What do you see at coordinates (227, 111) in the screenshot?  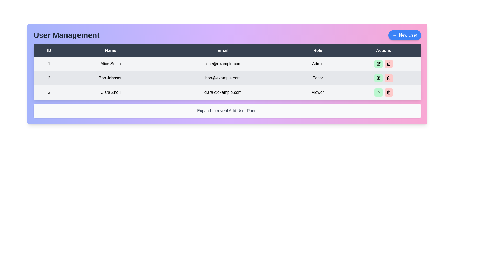 I see `the static text label that displays 'Expand` at bounding box center [227, 111].